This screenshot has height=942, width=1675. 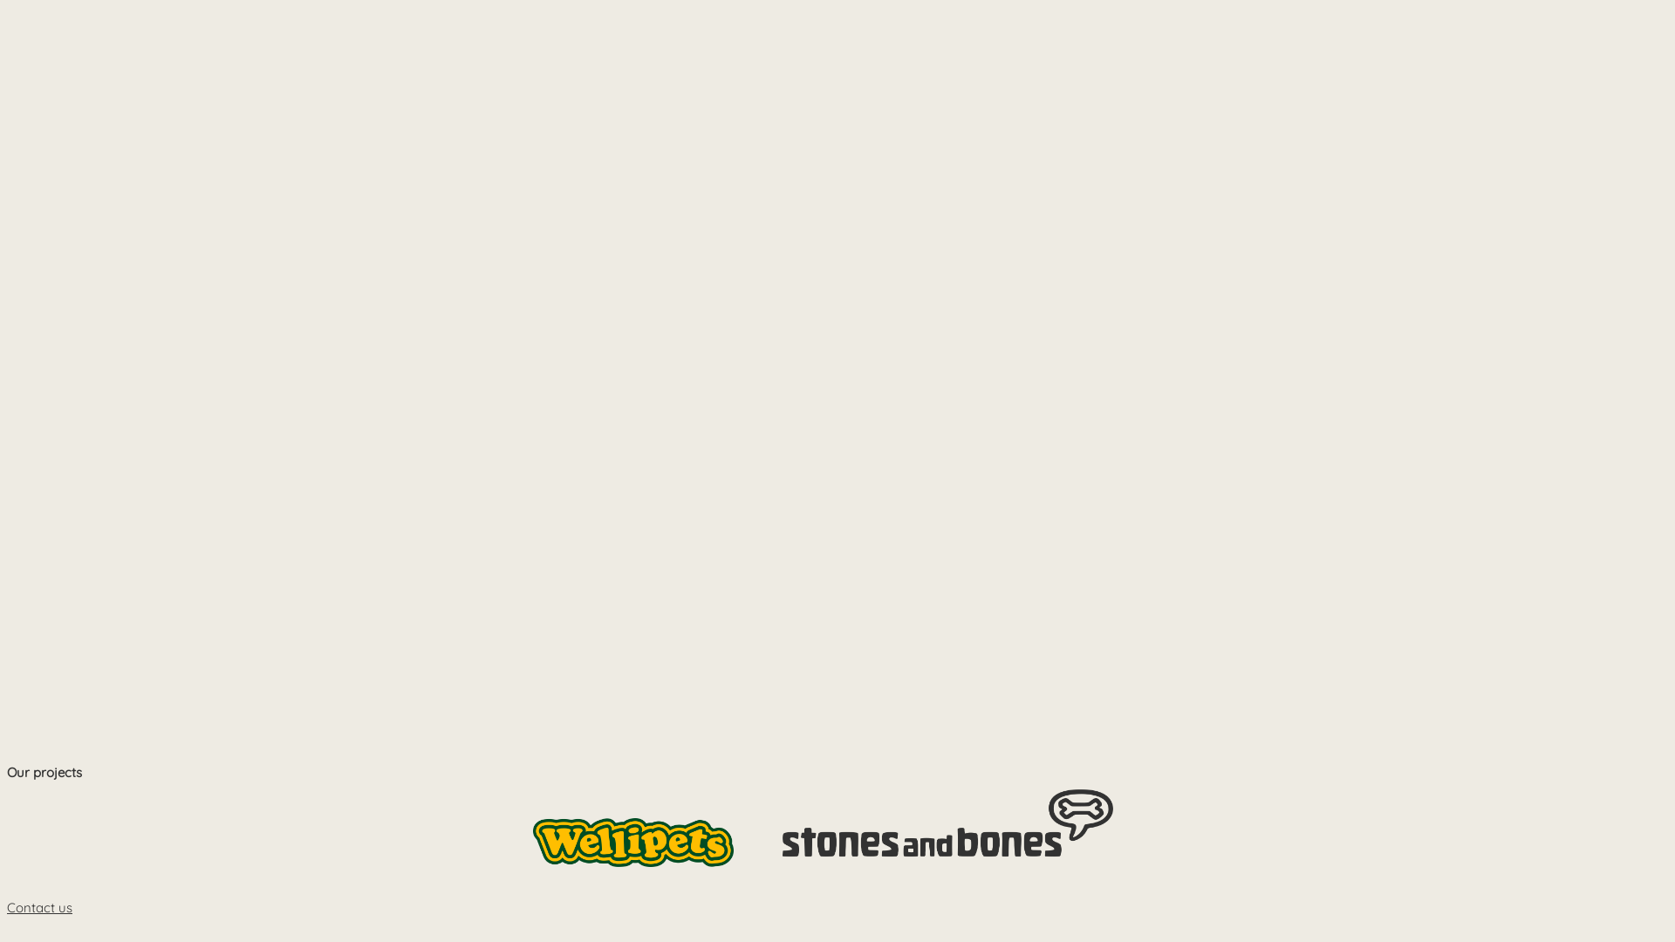 What do you see at coordinates (39, 906) in the screenshot?
I see `'Contact us'` at bounding box center [39, 906].